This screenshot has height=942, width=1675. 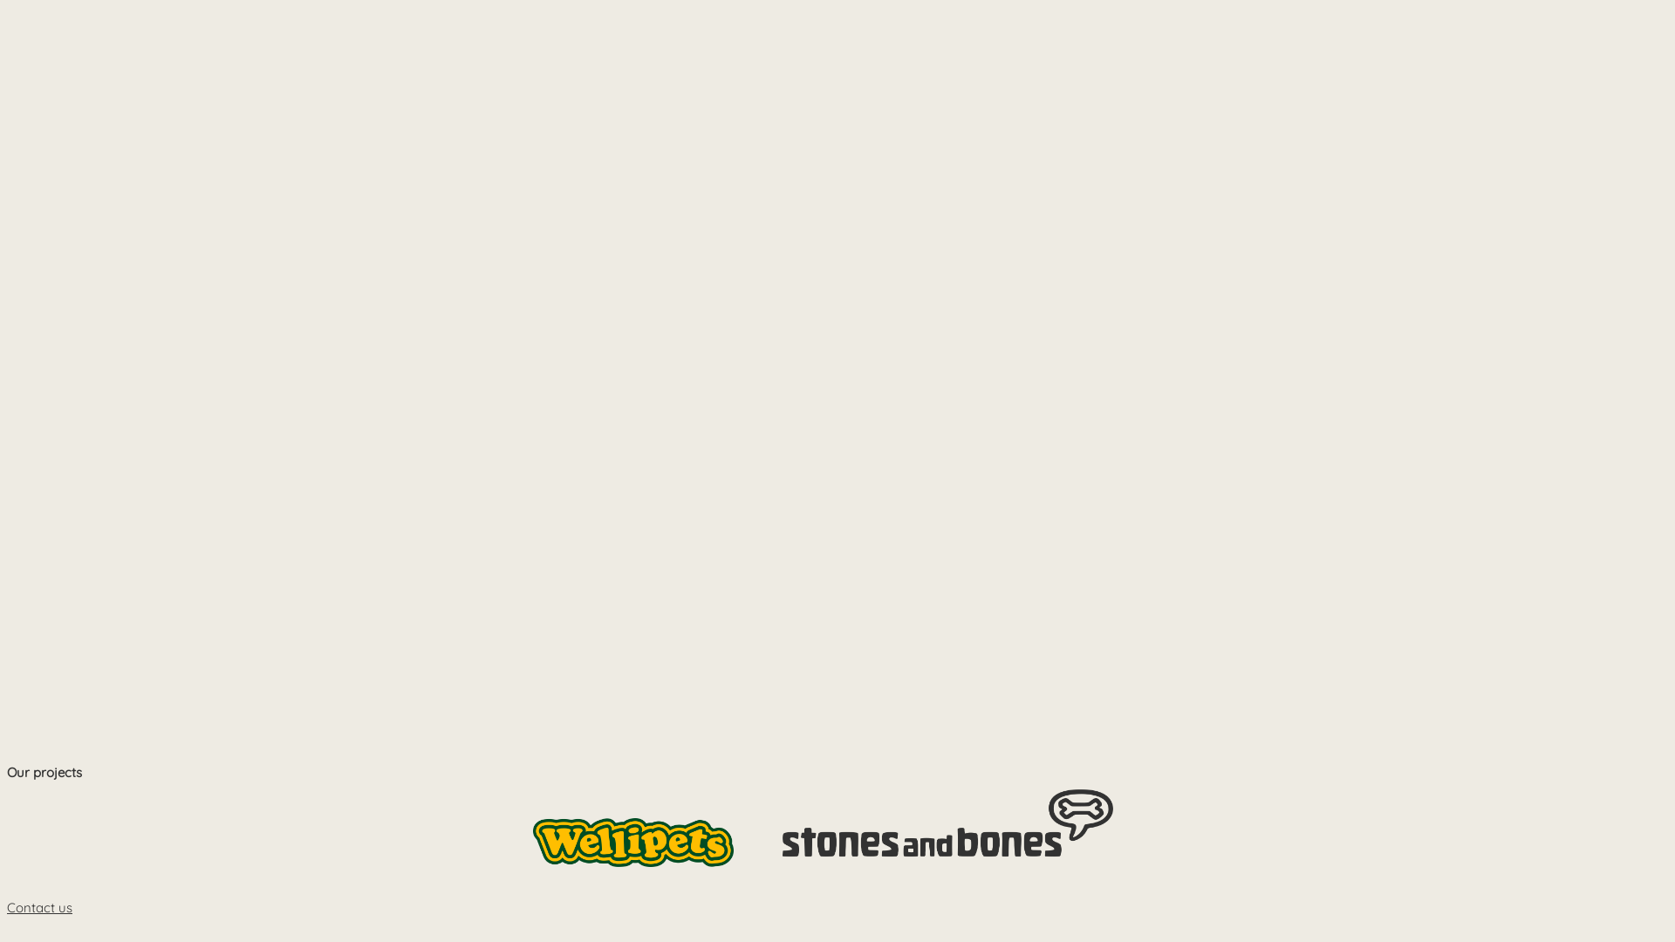 What do you see at coordinates (39, 906) in the screenshot?
I see `'Contact us'` at bounding box center [39, 906].